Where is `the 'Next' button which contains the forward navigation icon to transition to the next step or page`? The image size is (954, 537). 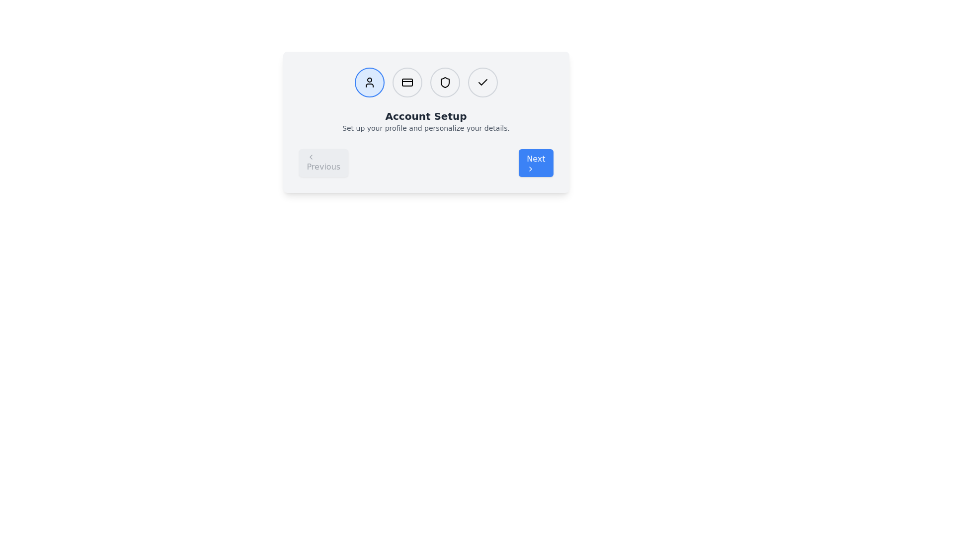 the 'Next' button which contains the forward navigation icon to transition to the next step or page is located at coordinates (530, 168).